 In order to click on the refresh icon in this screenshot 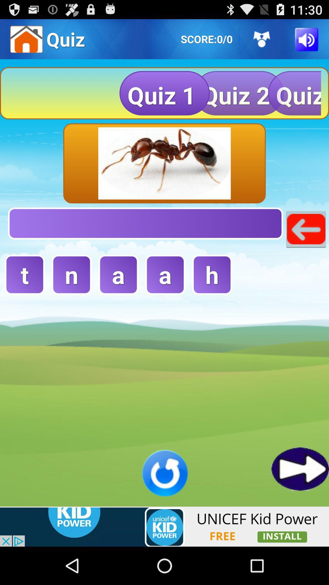, I will do `click(164, 506)`.